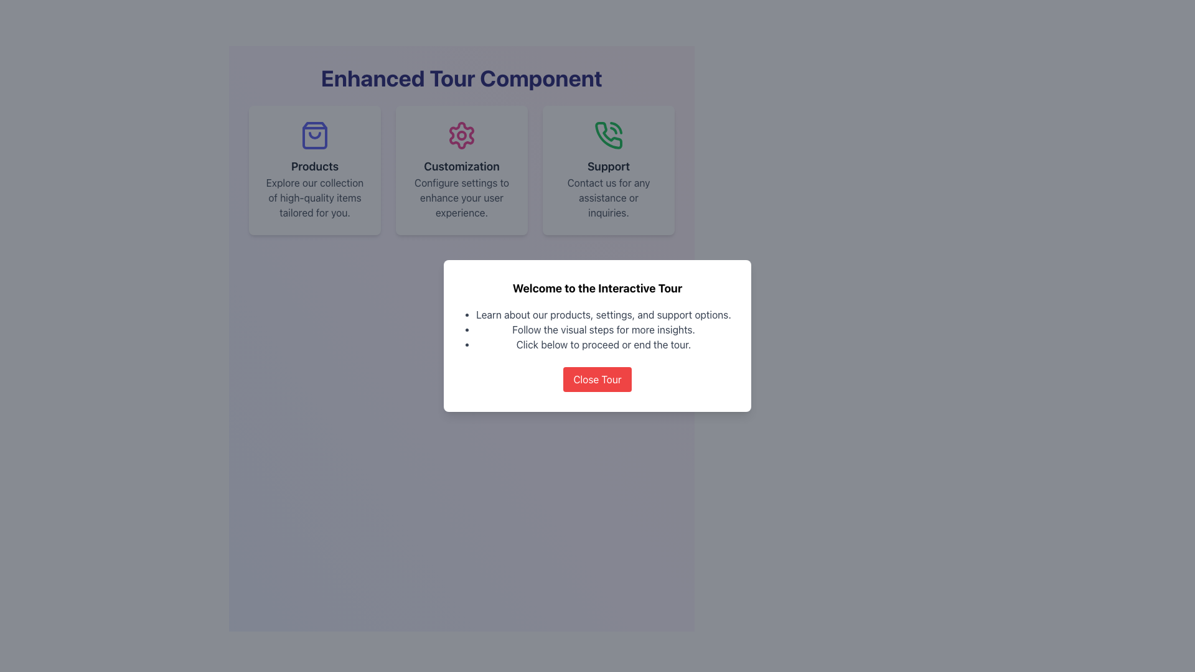 Image resolution: width=1195 pixels, height=672 pixels. Describe the element at coordinates (603, 345) in the screenshot. I see `static text message located in the third position of the unordered list within the modal box, which provides instructions for the next step in the interactive tour` at that location.